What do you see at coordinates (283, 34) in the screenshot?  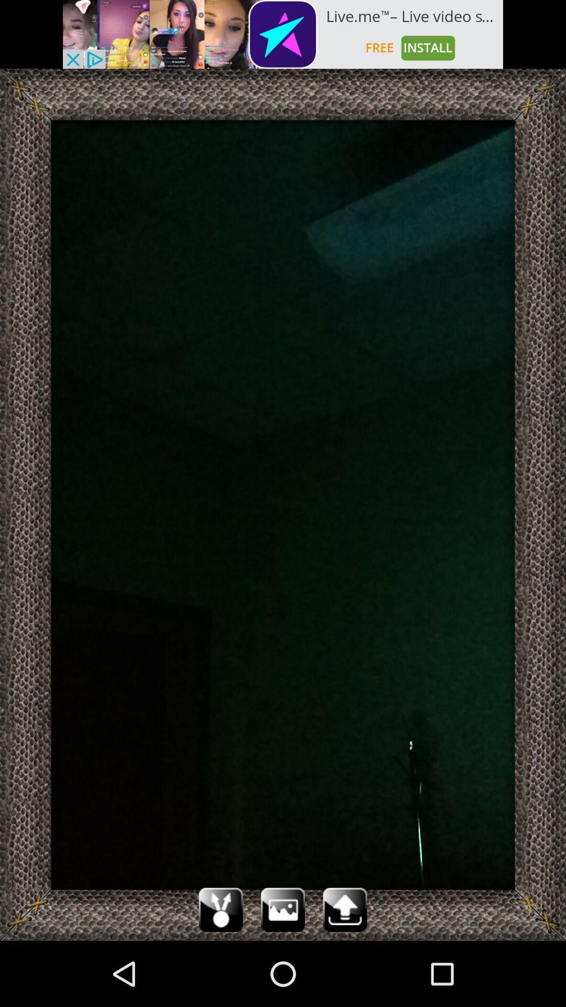 I see `advertisement` at bounding box center [283, 34].